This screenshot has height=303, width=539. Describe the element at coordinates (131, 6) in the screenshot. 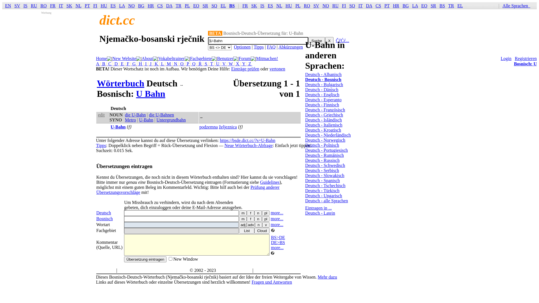

I see `'NO'` at that location.